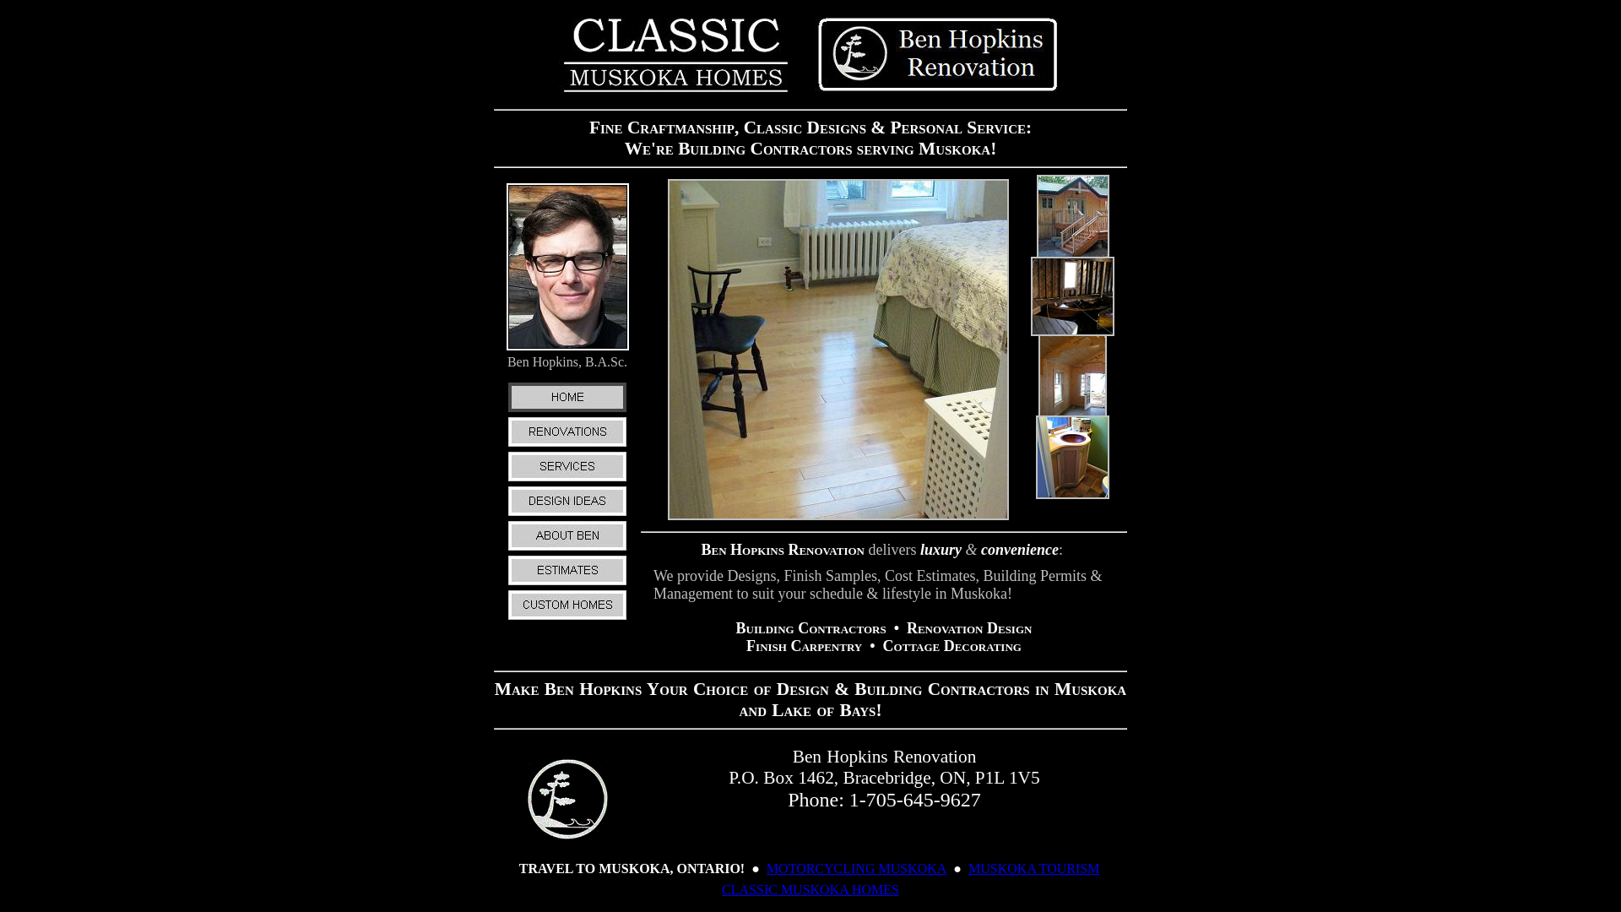  Describe the element at coordinates (1033, 868) in the screenshot. I see `'MUSKOKA TOURISM'` at that location.